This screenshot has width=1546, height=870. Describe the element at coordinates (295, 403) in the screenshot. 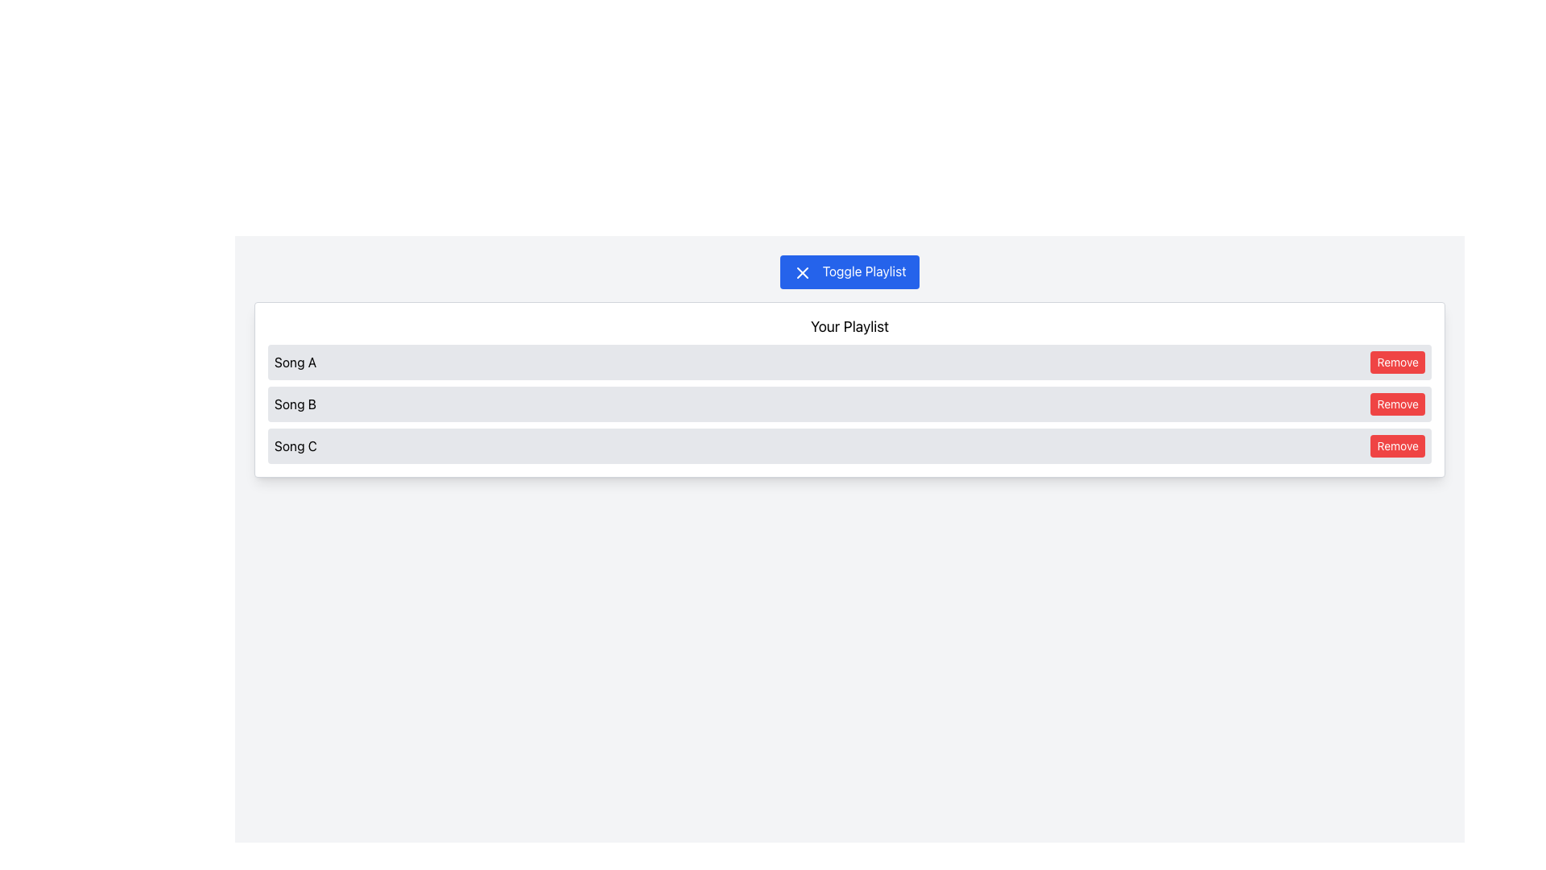

I see `the text label representing 'Song B' in the playlist, which is located in the second row, to the left of the red 'Remove' button` at that location.